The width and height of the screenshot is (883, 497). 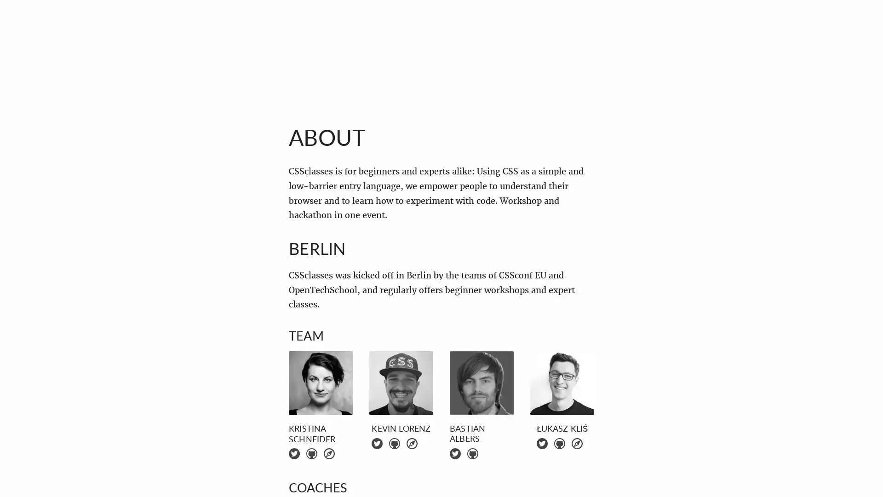 I want to click on Open Menu, so click(x=29, y=29).